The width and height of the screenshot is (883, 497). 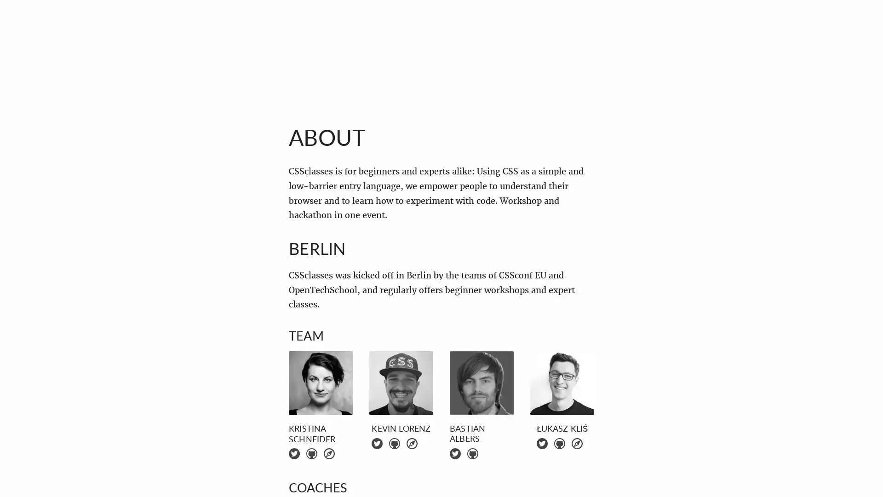 I want to click on Open Menu, so click(x=29, y=29).